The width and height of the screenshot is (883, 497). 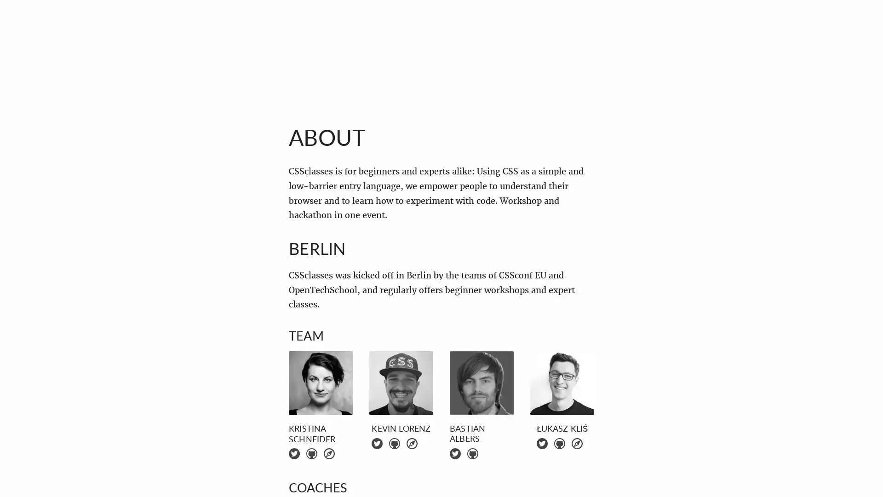 I want to click on Open Menu, so click(x=29, y=29).